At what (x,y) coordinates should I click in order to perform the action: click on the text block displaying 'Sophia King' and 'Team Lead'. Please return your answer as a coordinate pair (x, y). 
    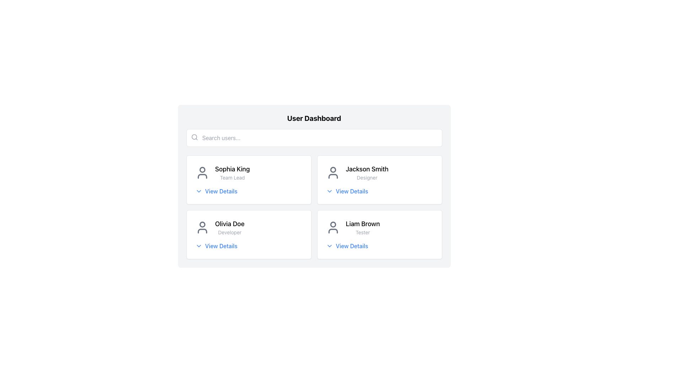
    Looking at the image, I should click on (249, 173).